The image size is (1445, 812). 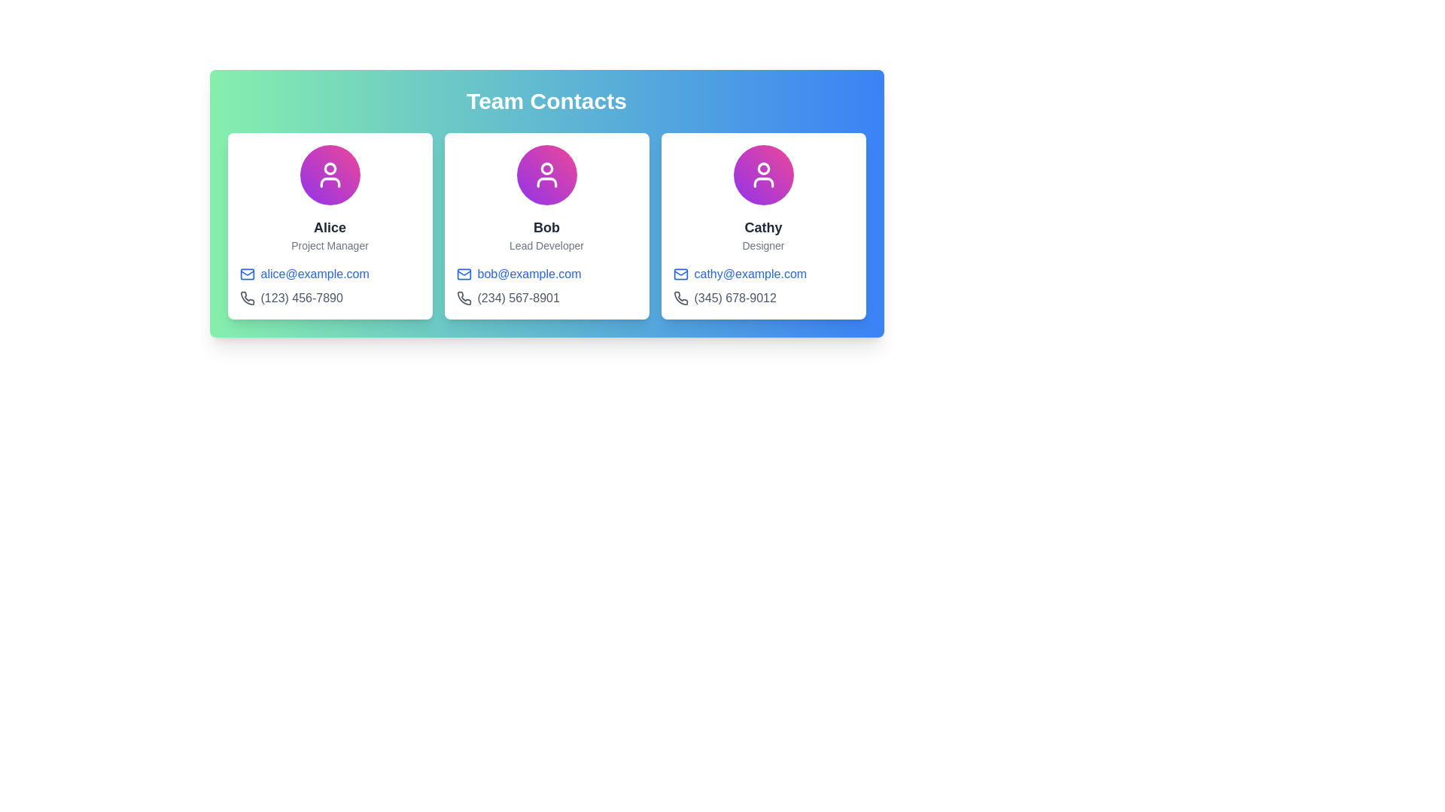 What do you see at coordinates (680, 274) in the screenshot?
I see `the mail envelope icon with a blue outline located to the left of the email address 'cathy@example.com' in the third card of the 'Team Contacts' section` at bounding box center [680, 274].